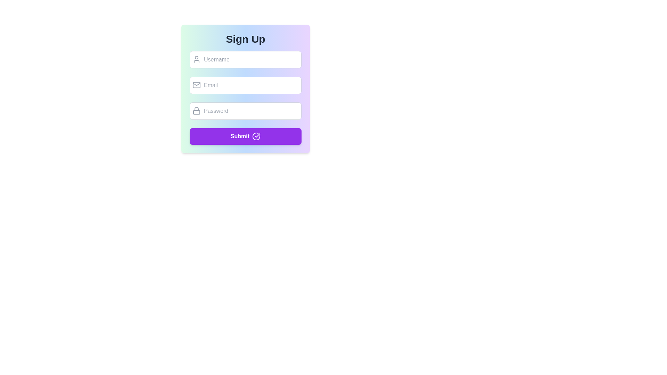 This screenshot has height=375, width=667. I want to click on the email input field in the Sign Up form to focus on it, which is the second input field between the Username and Password fields, so click(245, 85).